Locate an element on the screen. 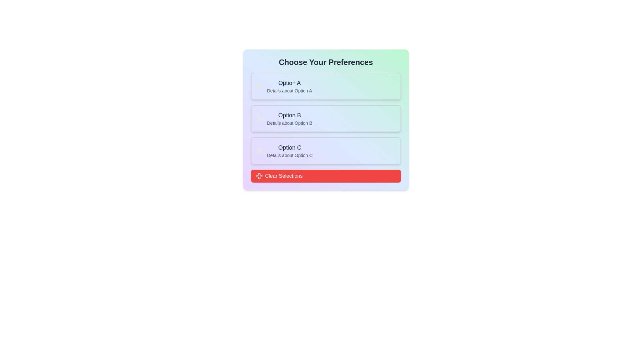 This screenshot has height=349, width=621. the circular decorative or status indicator associated with 'Option B' is located at coordinates (259, 118).